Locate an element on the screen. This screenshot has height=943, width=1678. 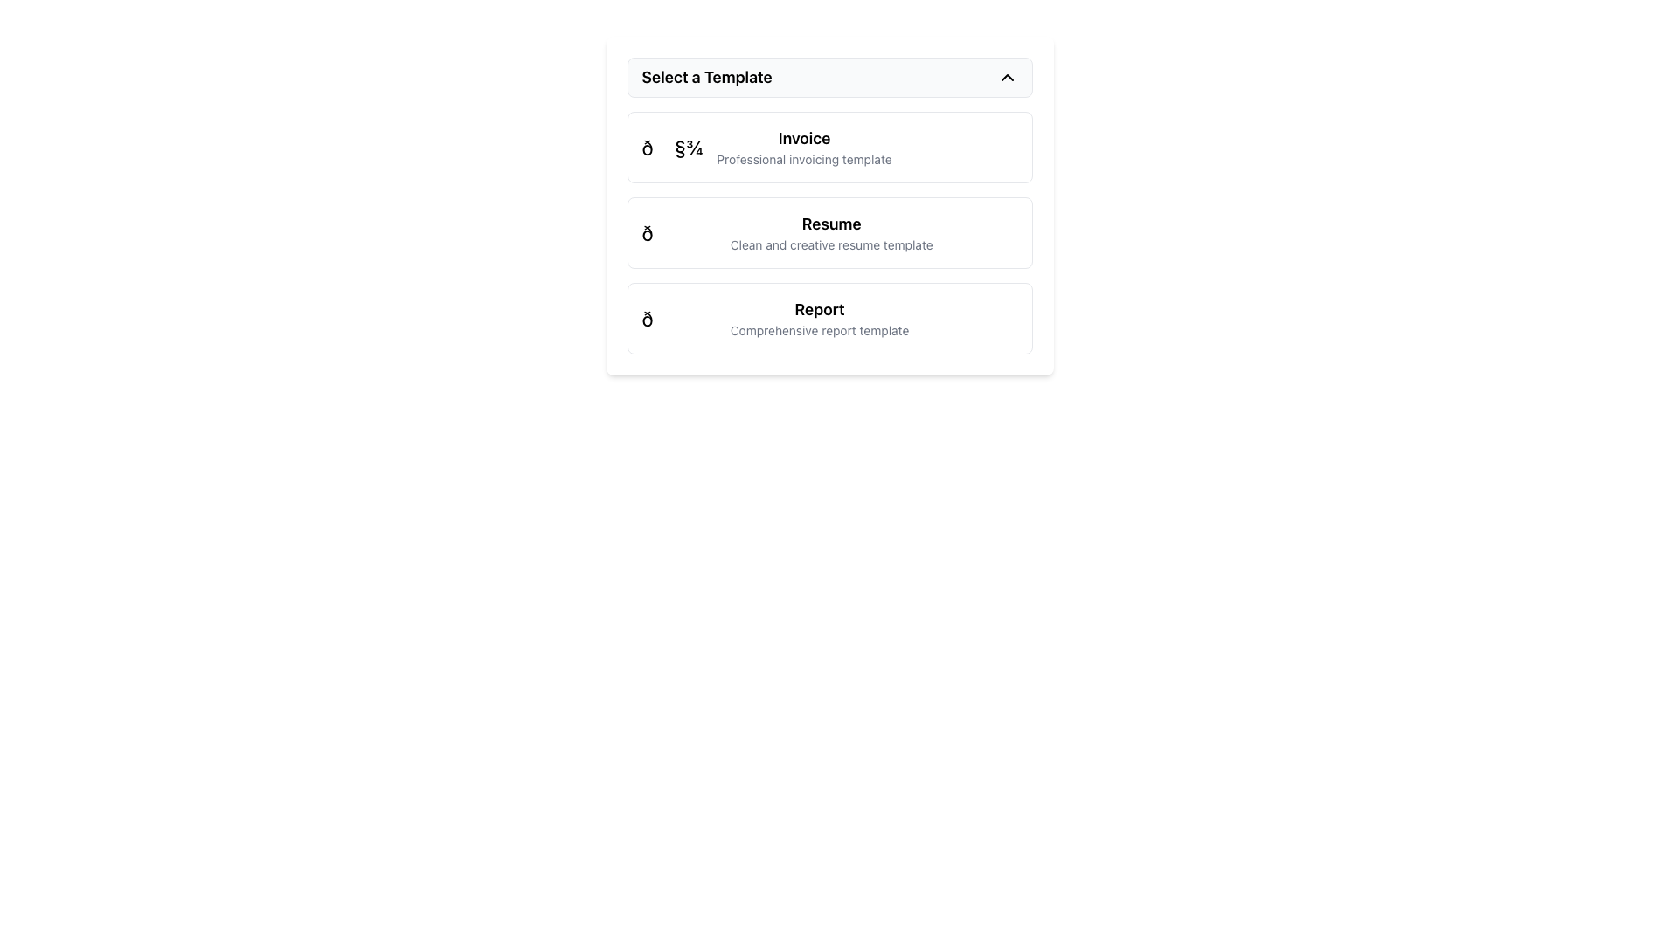
the 'Resume' button with a white background, featuring bold text and an icon, to emphasize it is located at coordinates (829, 204).